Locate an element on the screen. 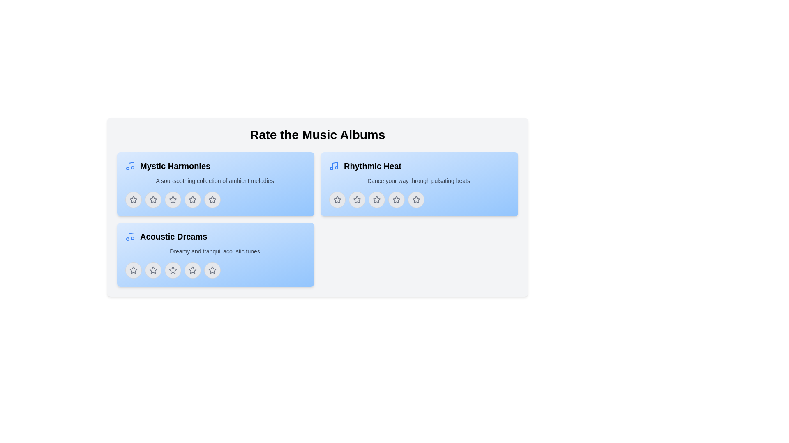 The width and height of the screenshot is (789, 443). the fifth star button in the horizontal group of five within the 'Mystic Harmonies' card is located at coordinates (215, 199).